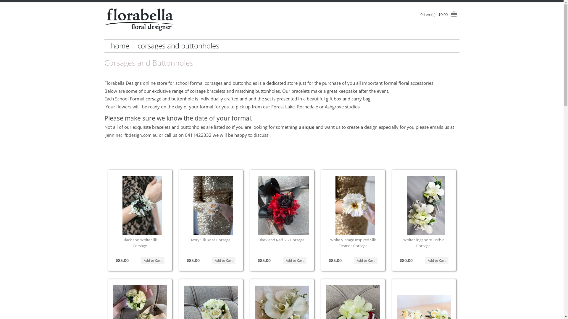  I want to click on 'Add to Cart', so click(424, 260).